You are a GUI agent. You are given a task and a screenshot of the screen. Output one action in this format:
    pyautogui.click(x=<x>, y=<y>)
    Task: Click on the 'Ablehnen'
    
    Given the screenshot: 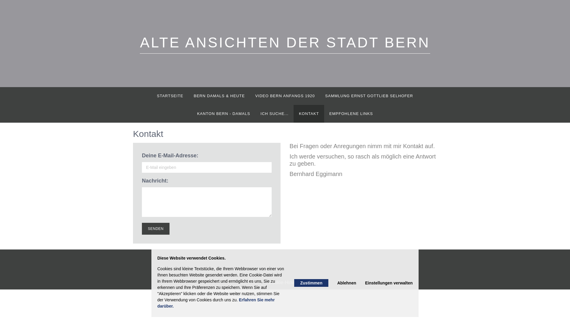 What is the action you would take?
    pyautogui.click(x=346, y=283)
    